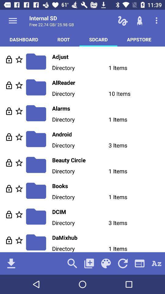 This screenshot has width=165, height=294. What do you see at coordinates (19, 214) in the screenshot?
I see `important to know` at bounding box center [19, 214].